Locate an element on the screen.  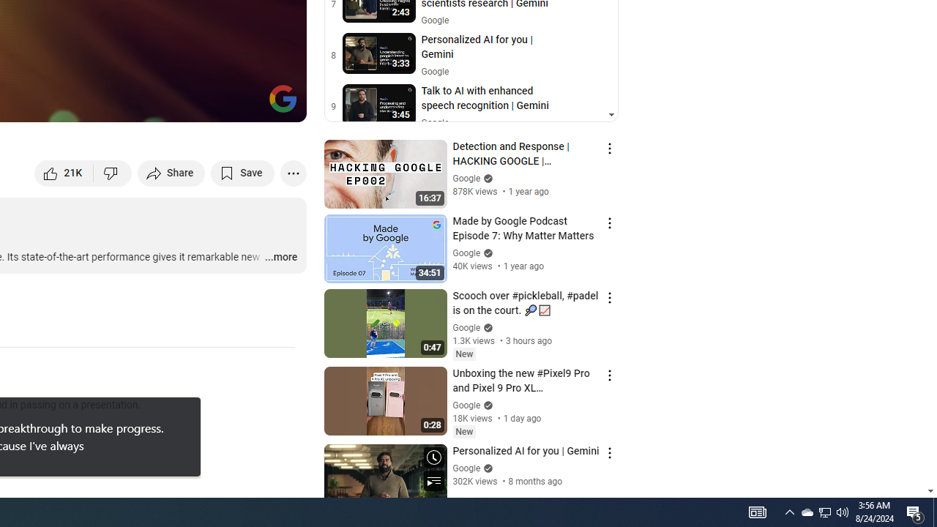
'...more' is located at coordinates (280, 257).